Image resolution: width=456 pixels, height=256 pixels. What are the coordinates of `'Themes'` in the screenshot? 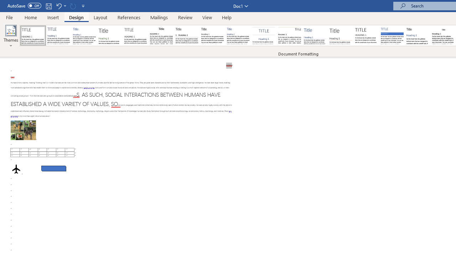 It's located at (11, 37).